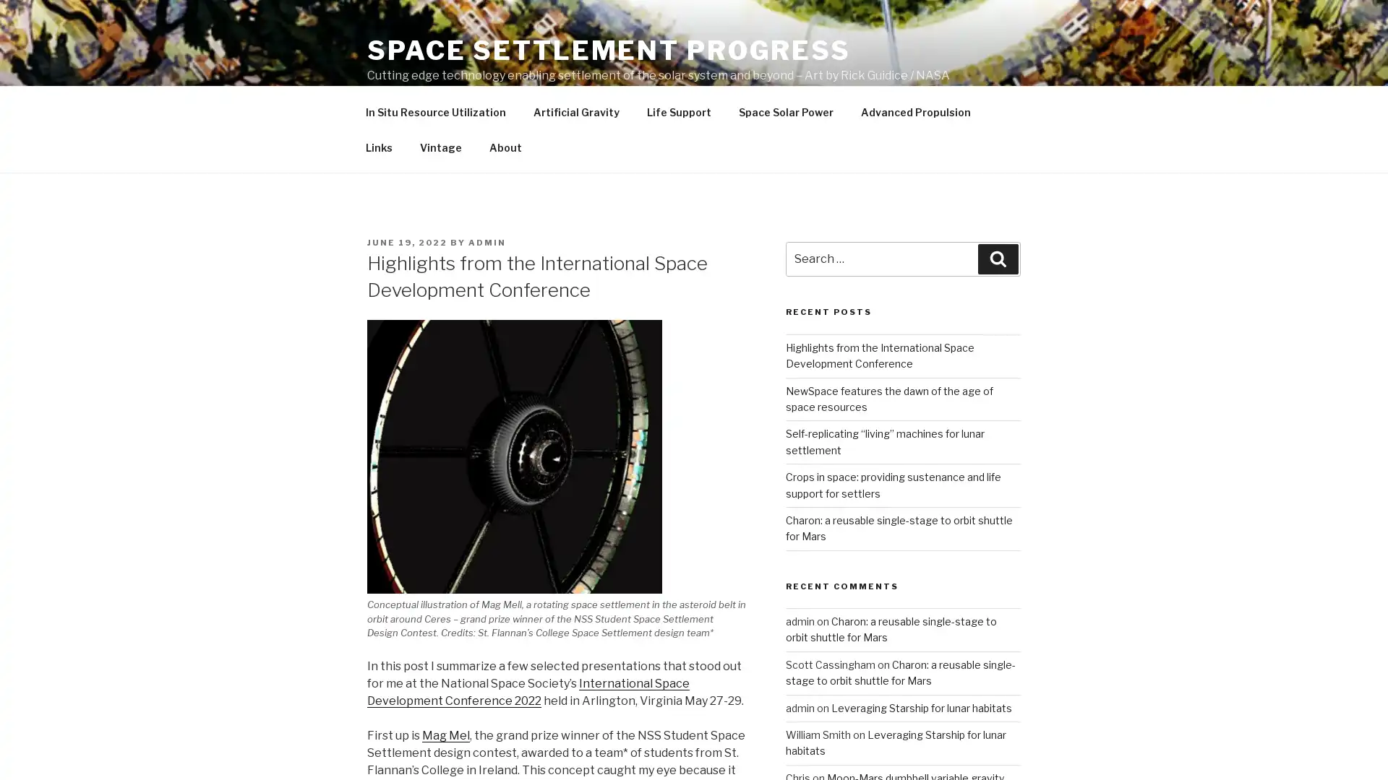 Image resolution: width=1388 pixels, height=780 pixels. Describe the element at coordinates (998, 292) in the screenshot. I see `Search` at that location.